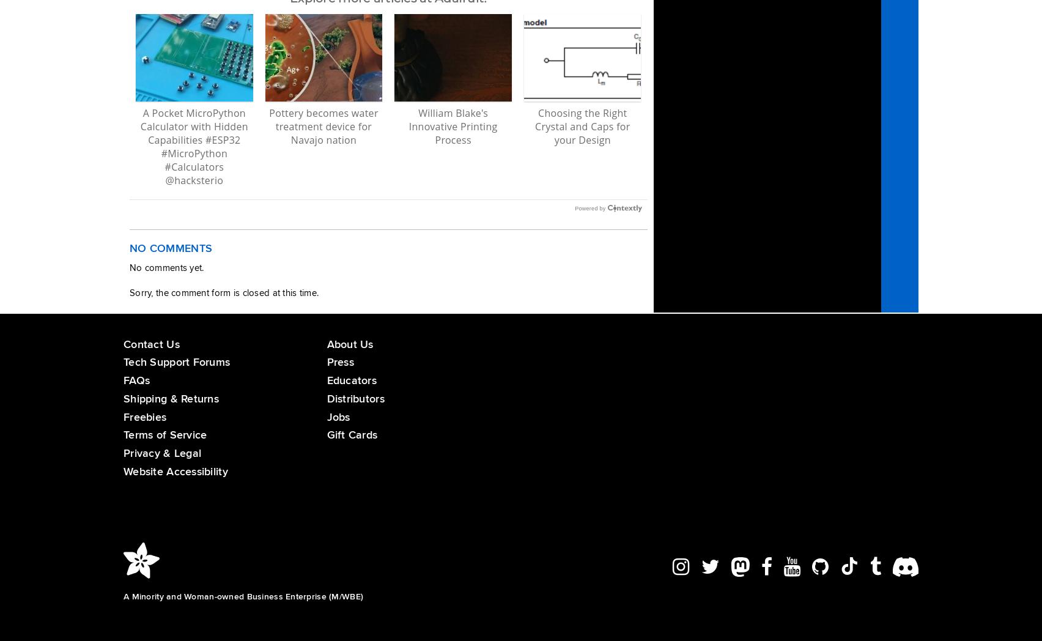 This screenshot has width=1042, height=641. What do you see at coordinates (323, 125) in the screenshot?
I see `'Pottery becomes water treatment device for Navajo nation'` at bounding box center [323, 125].